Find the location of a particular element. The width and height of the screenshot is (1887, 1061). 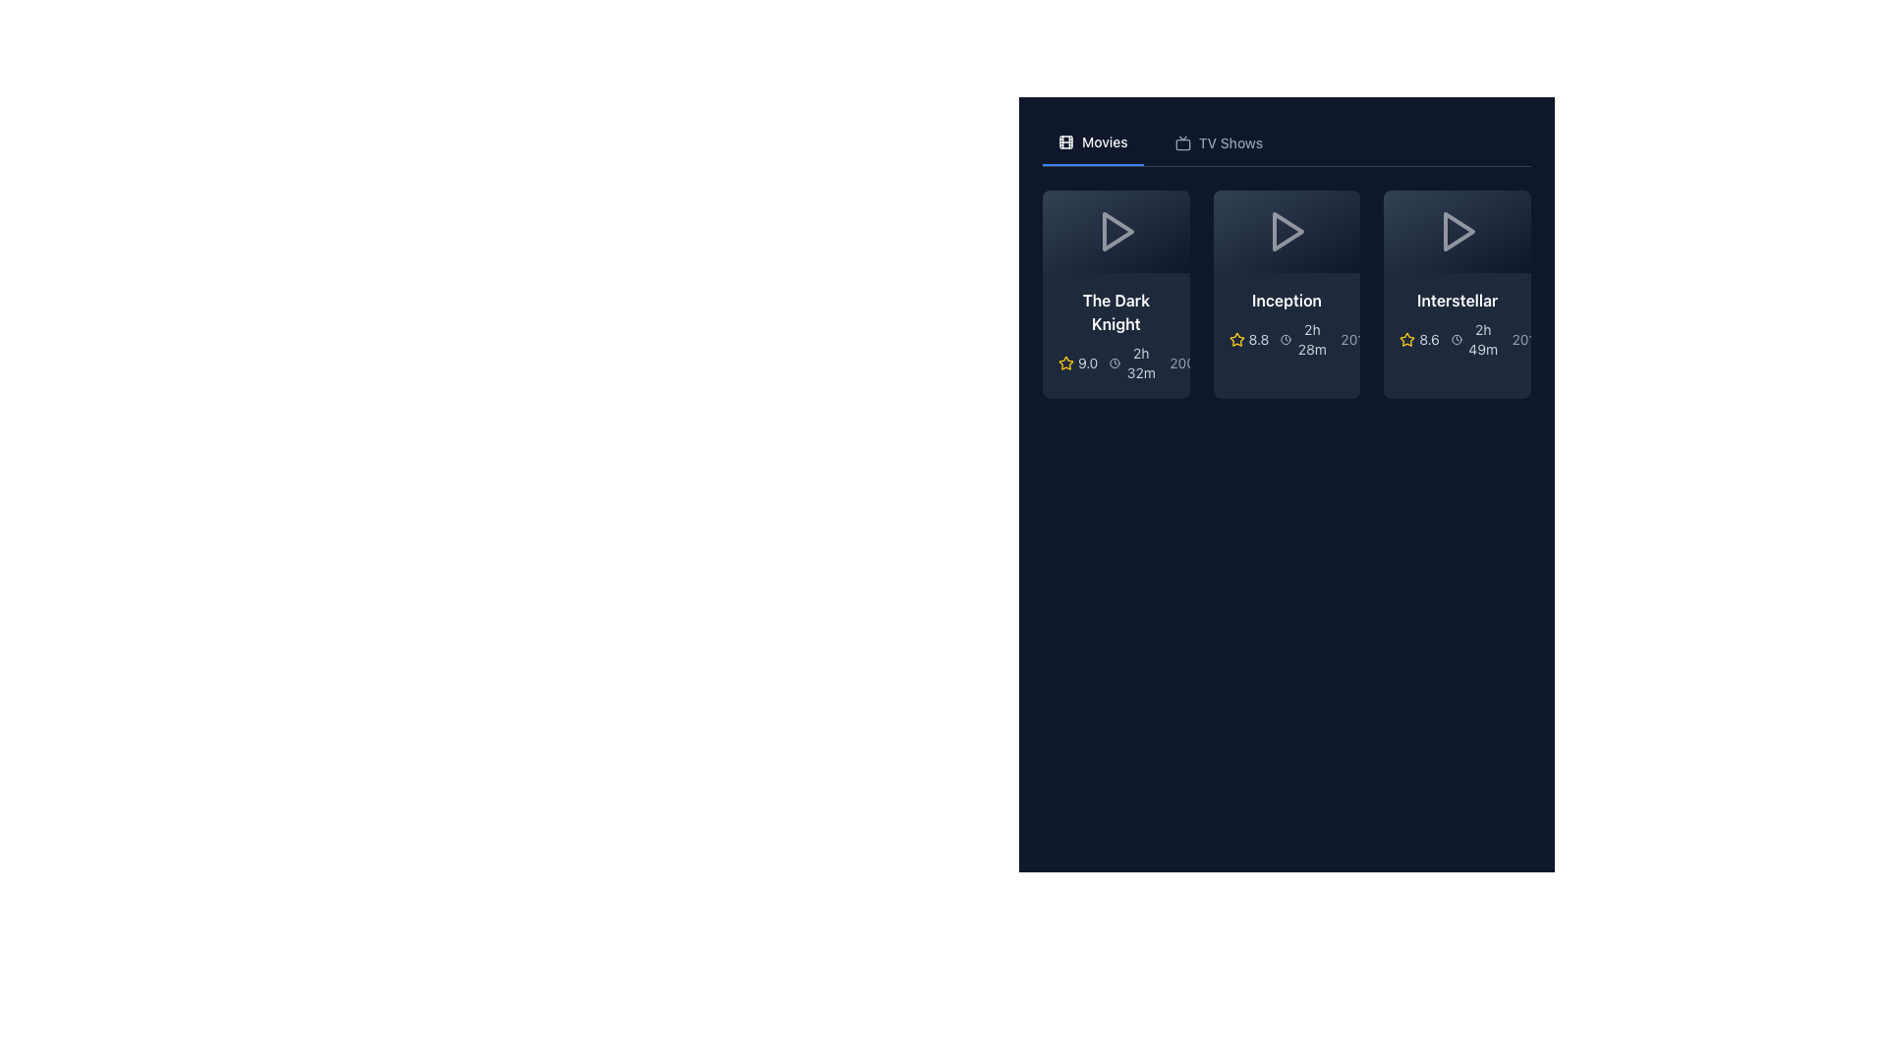

the numerical rating text '8.6' that appears bold and is located to the right of a golden star icon for the movie 'Interstellar' in the third column of the grid is located at coordinates (1429, 339).